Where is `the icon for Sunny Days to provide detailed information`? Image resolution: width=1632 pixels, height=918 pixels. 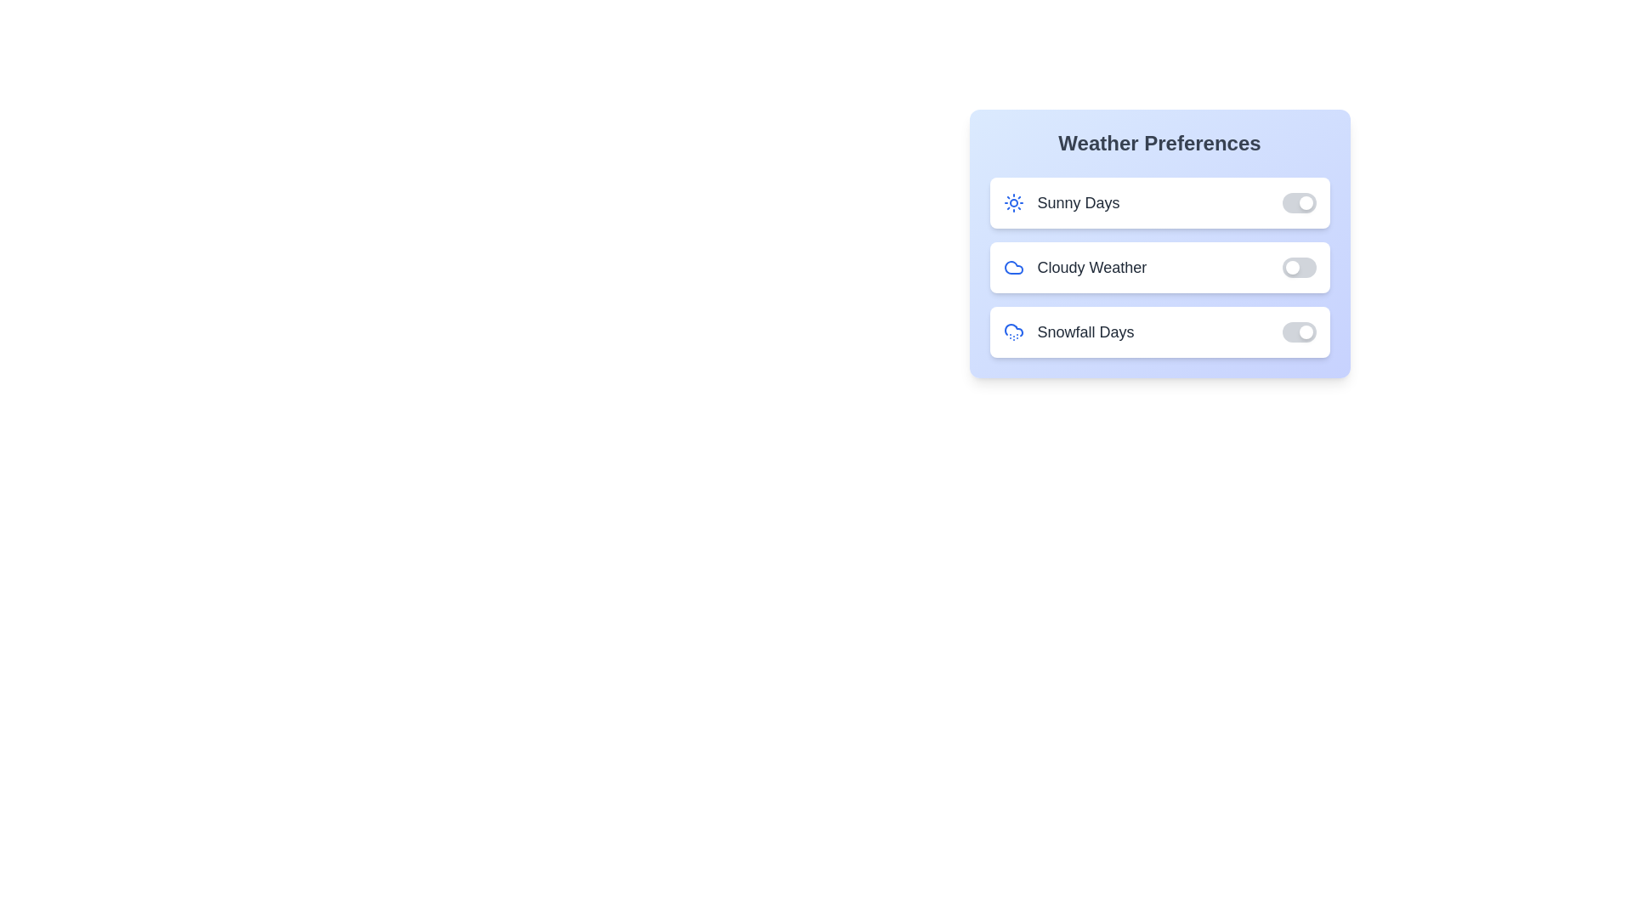
the icon for Sunny Days to provide detailed information is located at coordinates (1013, 202).